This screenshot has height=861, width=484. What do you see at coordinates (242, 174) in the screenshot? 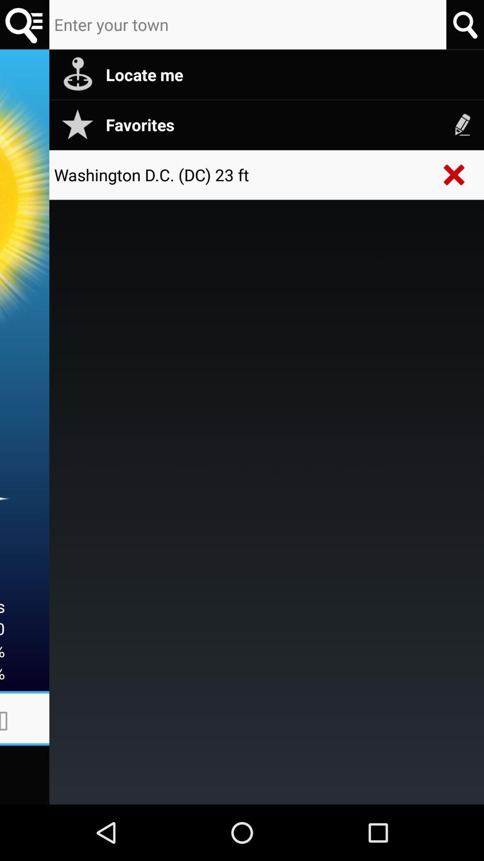
I see `the washington d c icon` at bounding box center [242, 174].